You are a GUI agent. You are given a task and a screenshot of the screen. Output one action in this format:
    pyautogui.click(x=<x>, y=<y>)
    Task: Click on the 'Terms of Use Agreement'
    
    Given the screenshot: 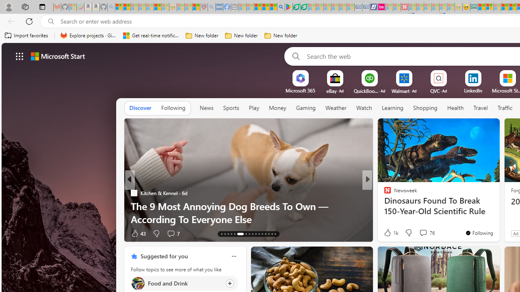 What is the action you would take?
    pyautogui.click(x=296, y=7)
    